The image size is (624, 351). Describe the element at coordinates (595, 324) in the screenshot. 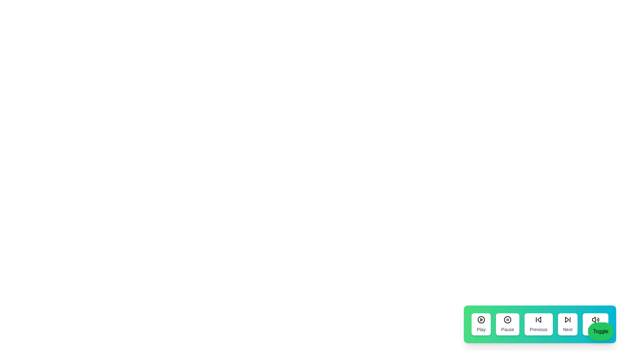

I see `the 'Volume' button to adjust the volume` at that location.